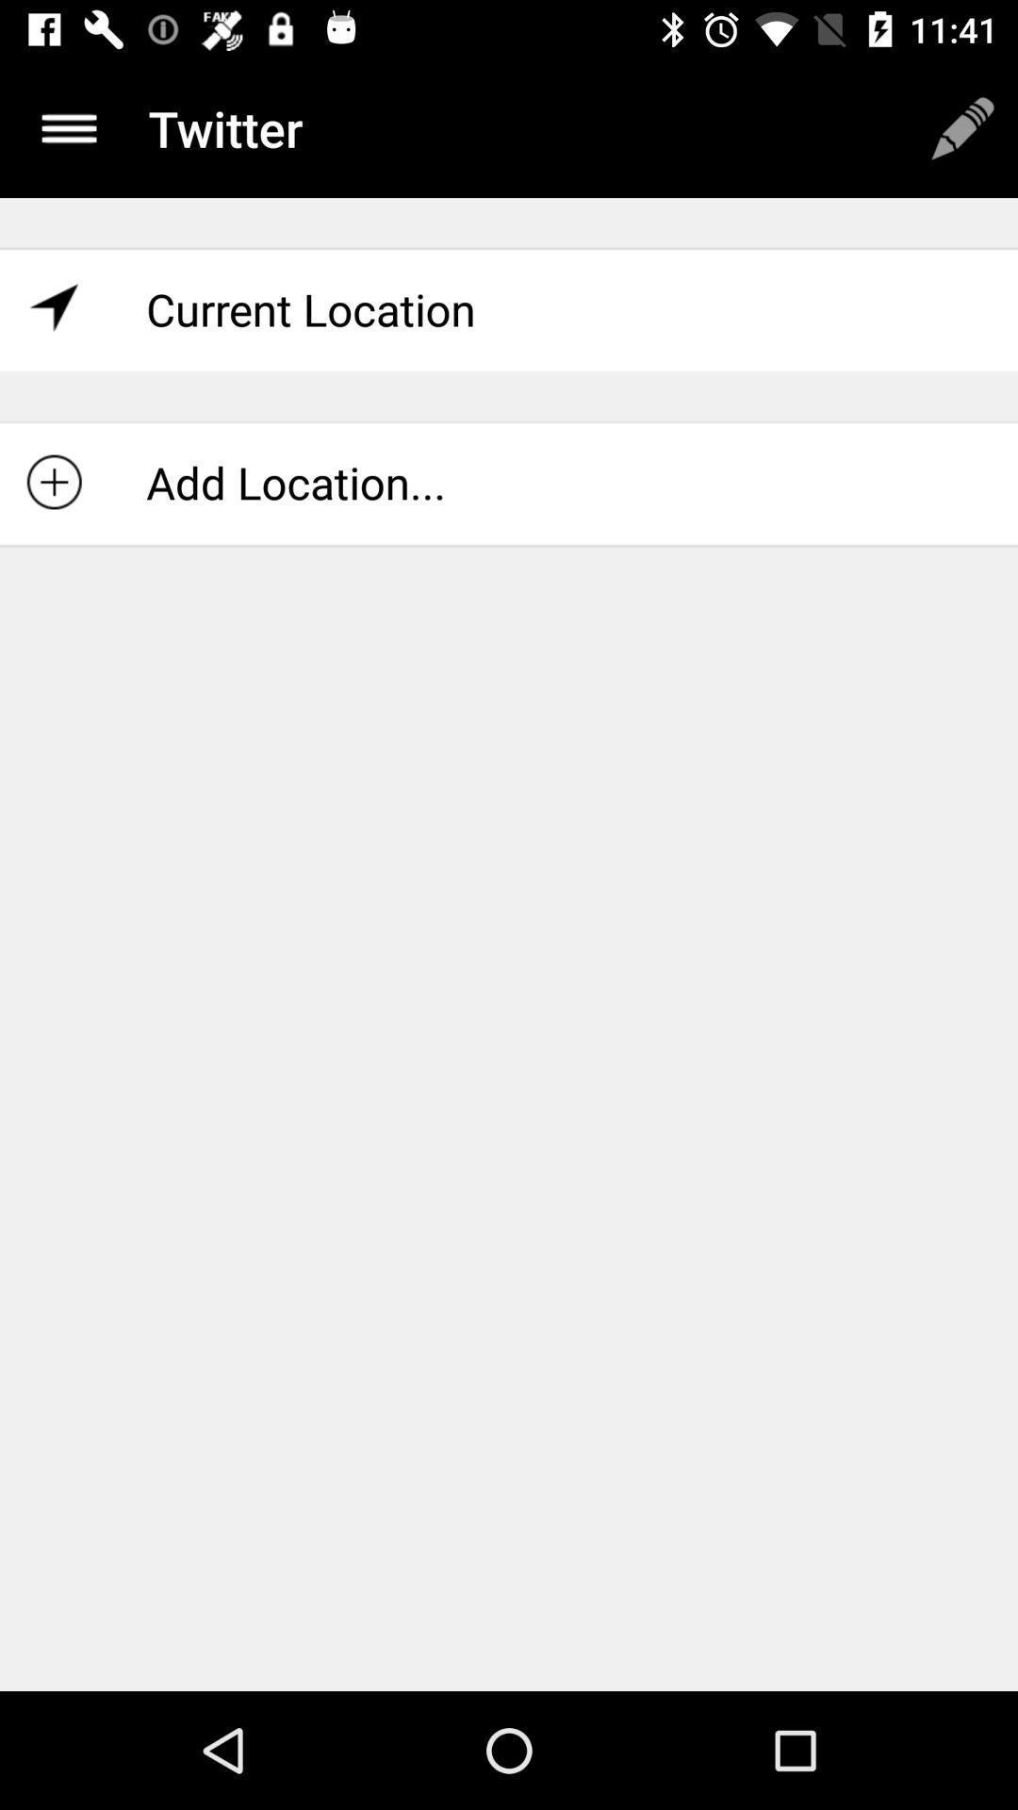 Image resolution: width=1018 pixels, height=1810 pixels. What do you see at coordinates (68, 127) in the screenshot?
I see `app to the left of the twitter app` at bounding box center [68, 127].